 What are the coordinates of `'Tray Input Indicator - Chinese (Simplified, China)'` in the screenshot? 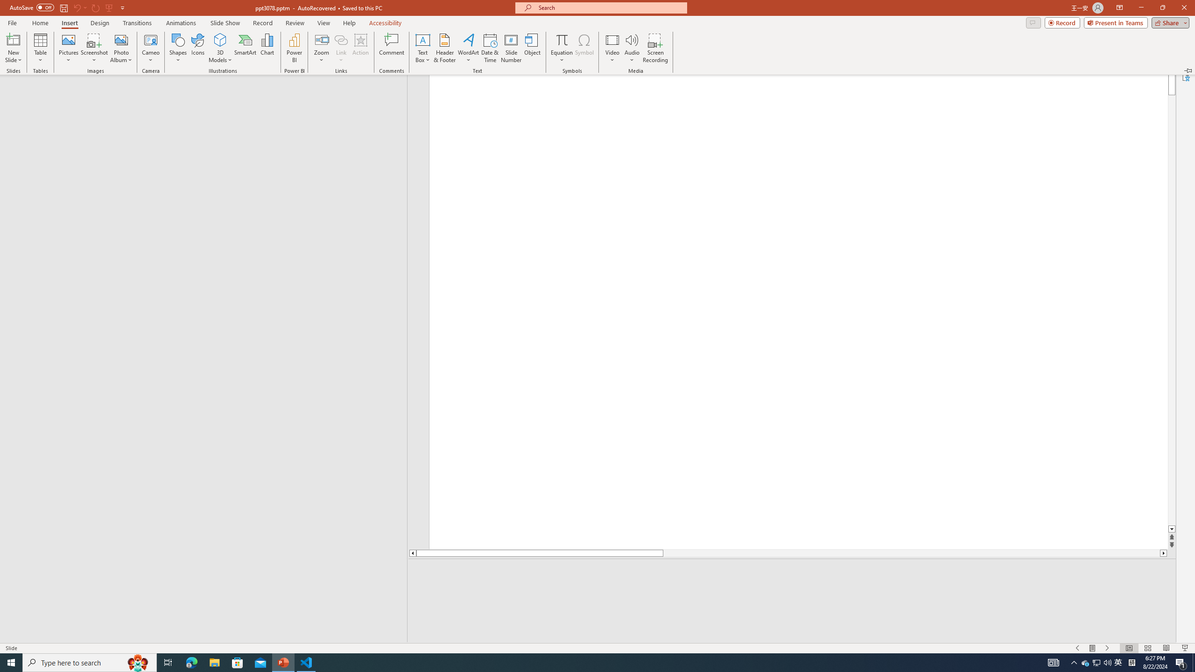 It's located at (1132, 662).